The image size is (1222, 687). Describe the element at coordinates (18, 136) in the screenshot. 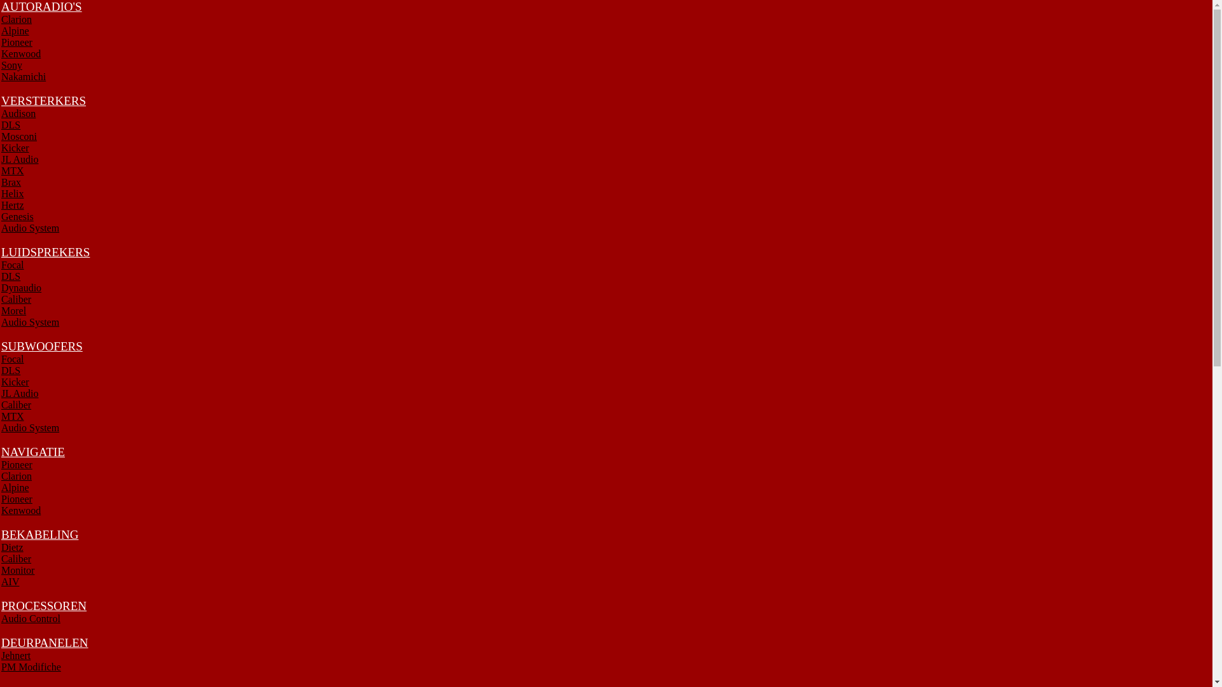

I see `'Mosconi'` at that location.